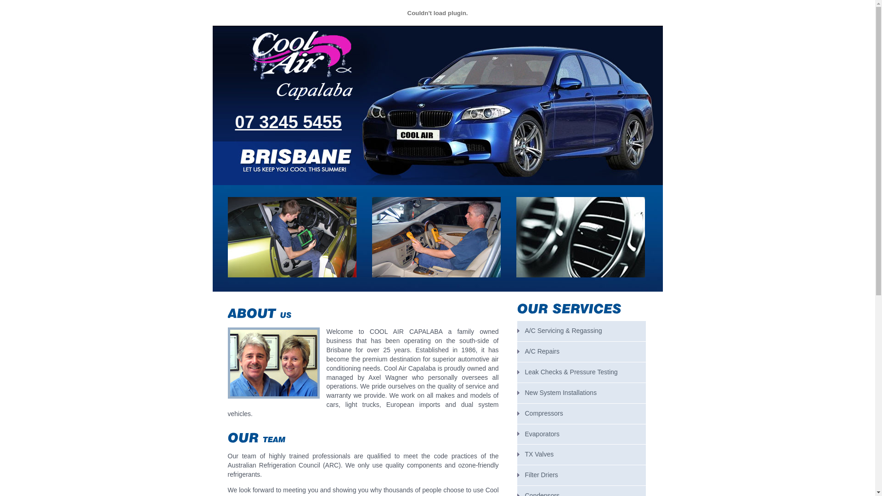 This screenshot has width=882, height=496. I want to click on 'A/C Repairs', so click(581, 351).